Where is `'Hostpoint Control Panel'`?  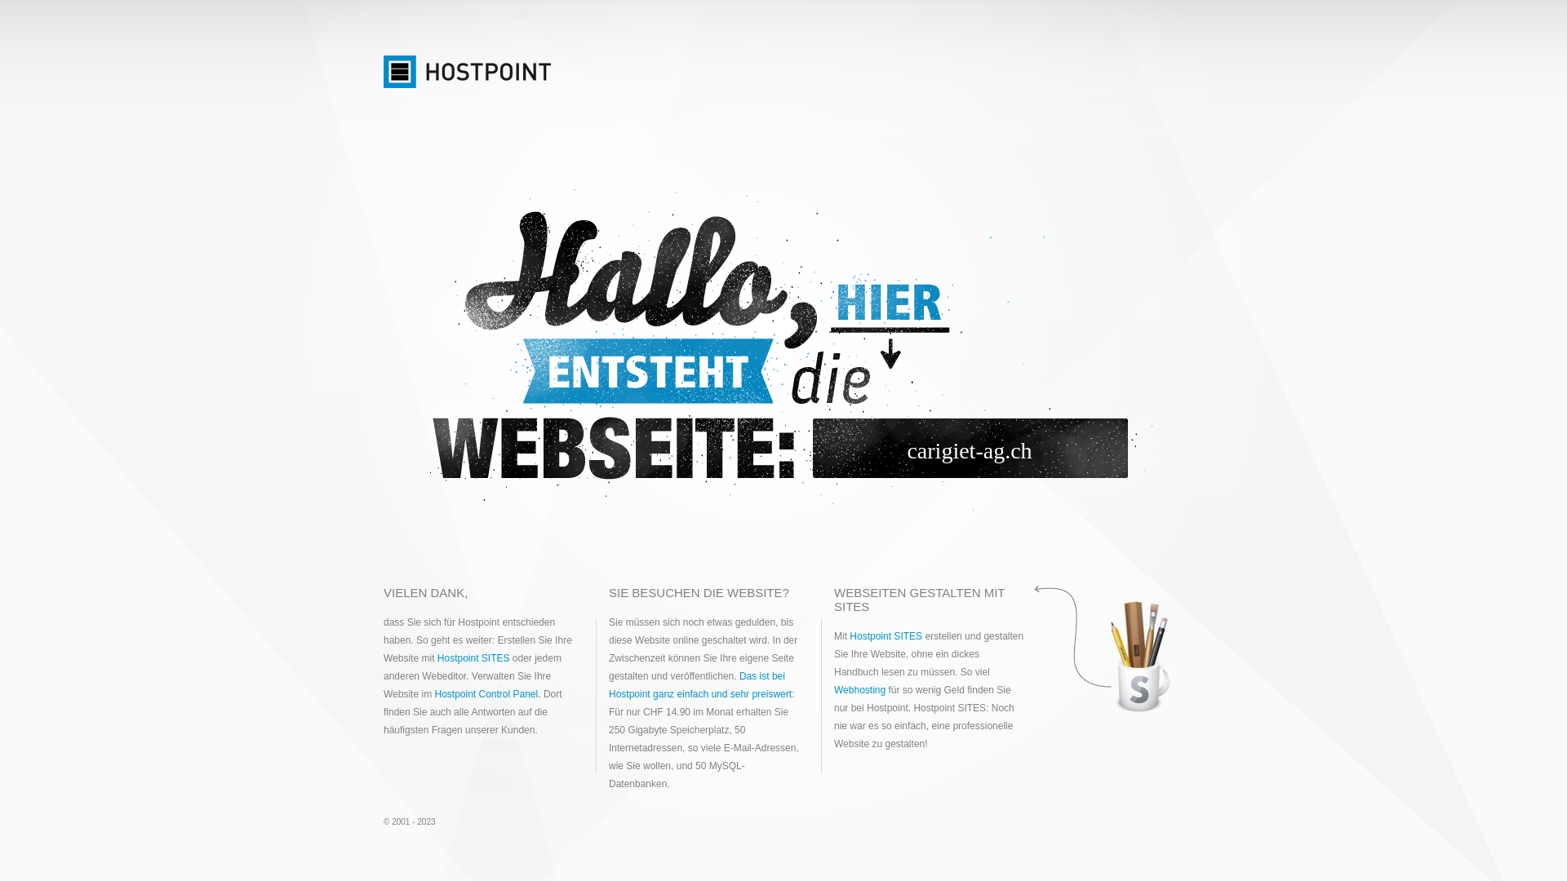
'Hostpoint Control Panel' is located at coordinates (485, 694).